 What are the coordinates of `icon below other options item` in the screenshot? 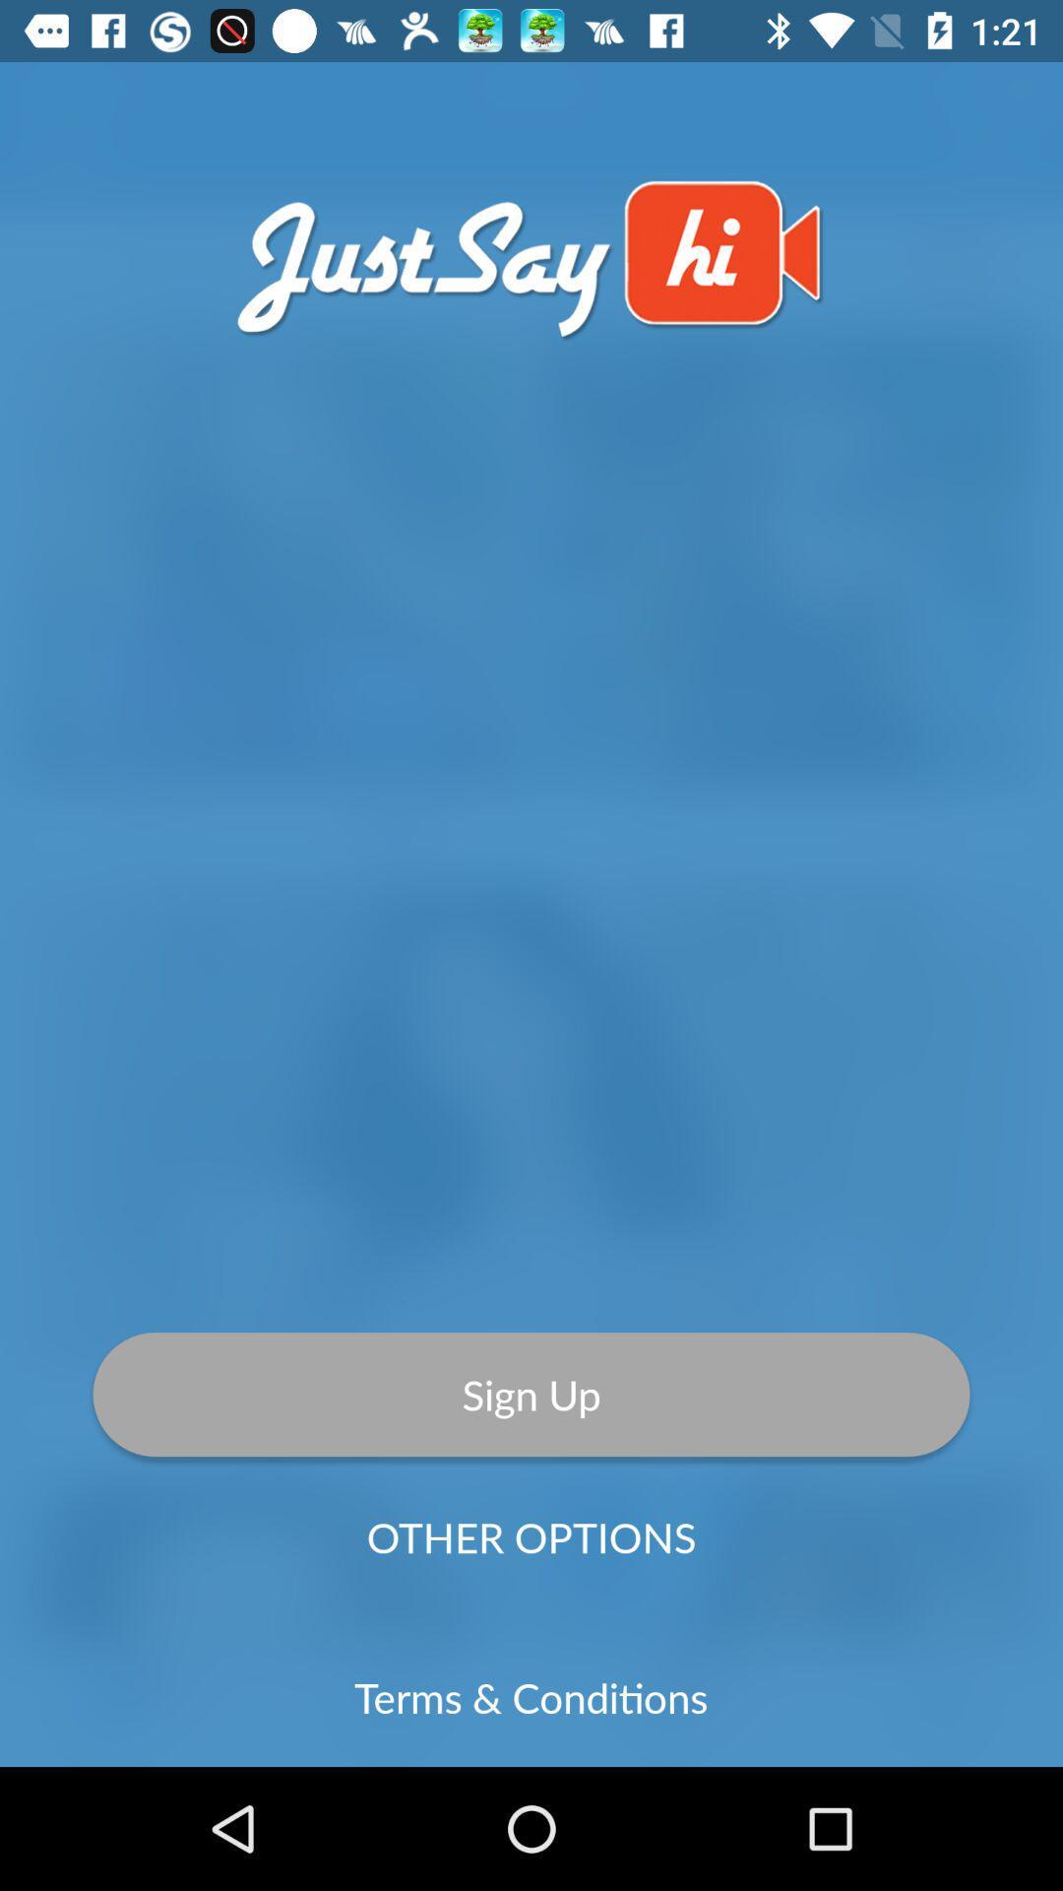 It's located at (530, 1696).